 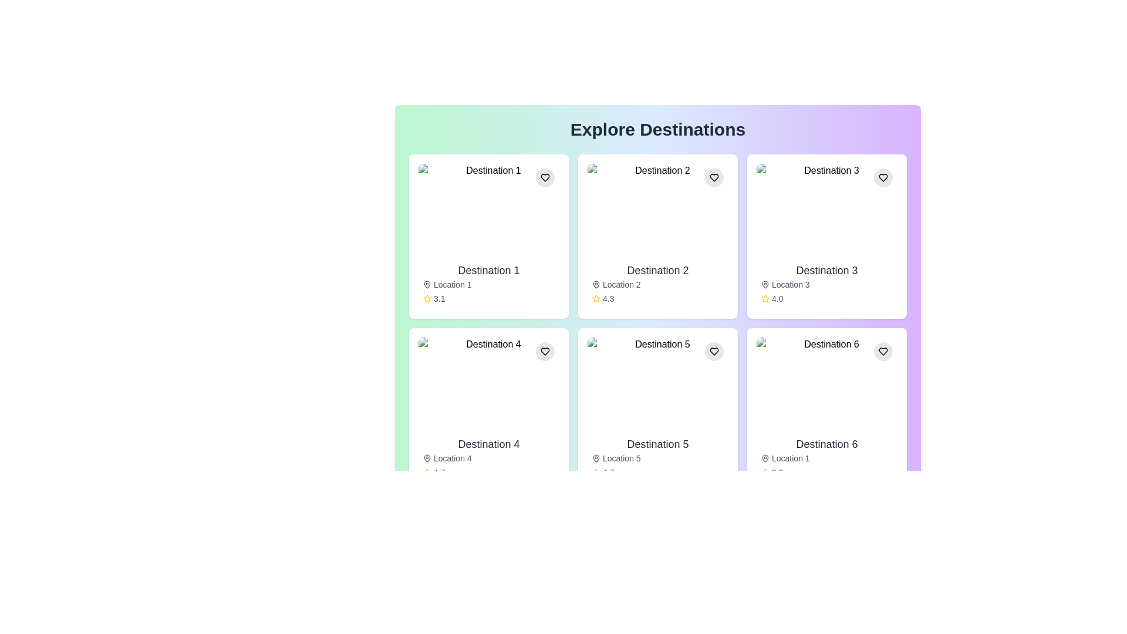 I want to click on the favorite button located in the top-right corner of the card labeled 'Destination 5', so click(x=714, y=350).